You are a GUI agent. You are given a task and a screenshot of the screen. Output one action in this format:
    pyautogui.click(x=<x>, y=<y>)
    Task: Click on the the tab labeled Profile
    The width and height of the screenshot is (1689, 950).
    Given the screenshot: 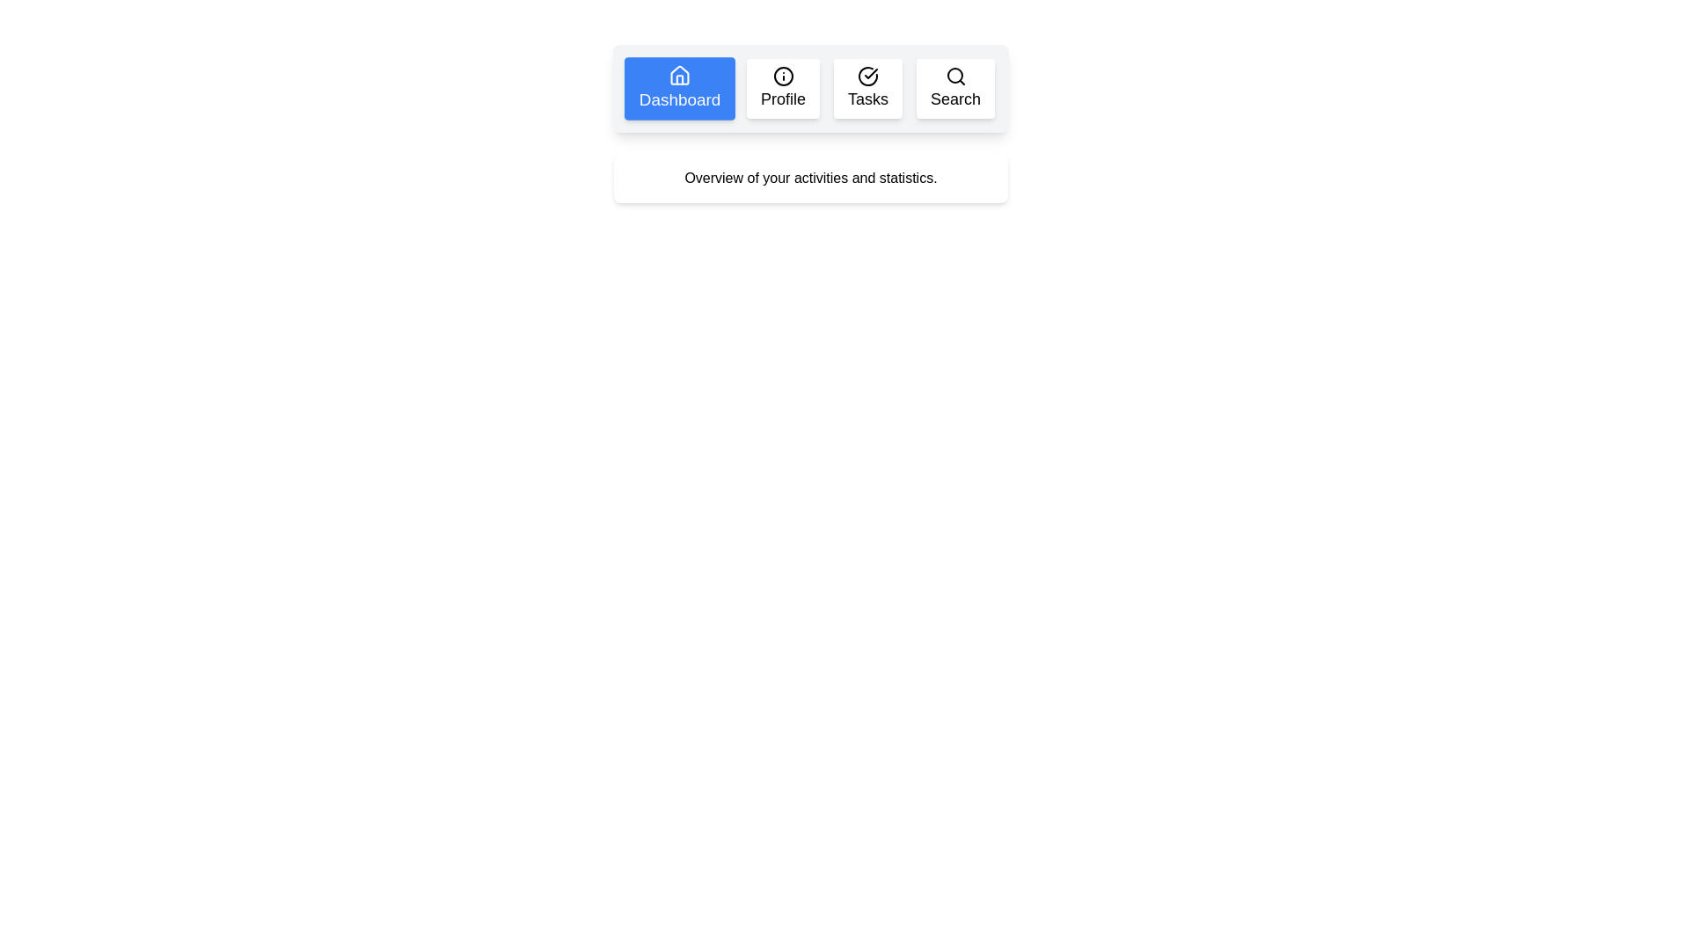 What is the action you would take?
    pyautogui.click(x=782, y=88)
    